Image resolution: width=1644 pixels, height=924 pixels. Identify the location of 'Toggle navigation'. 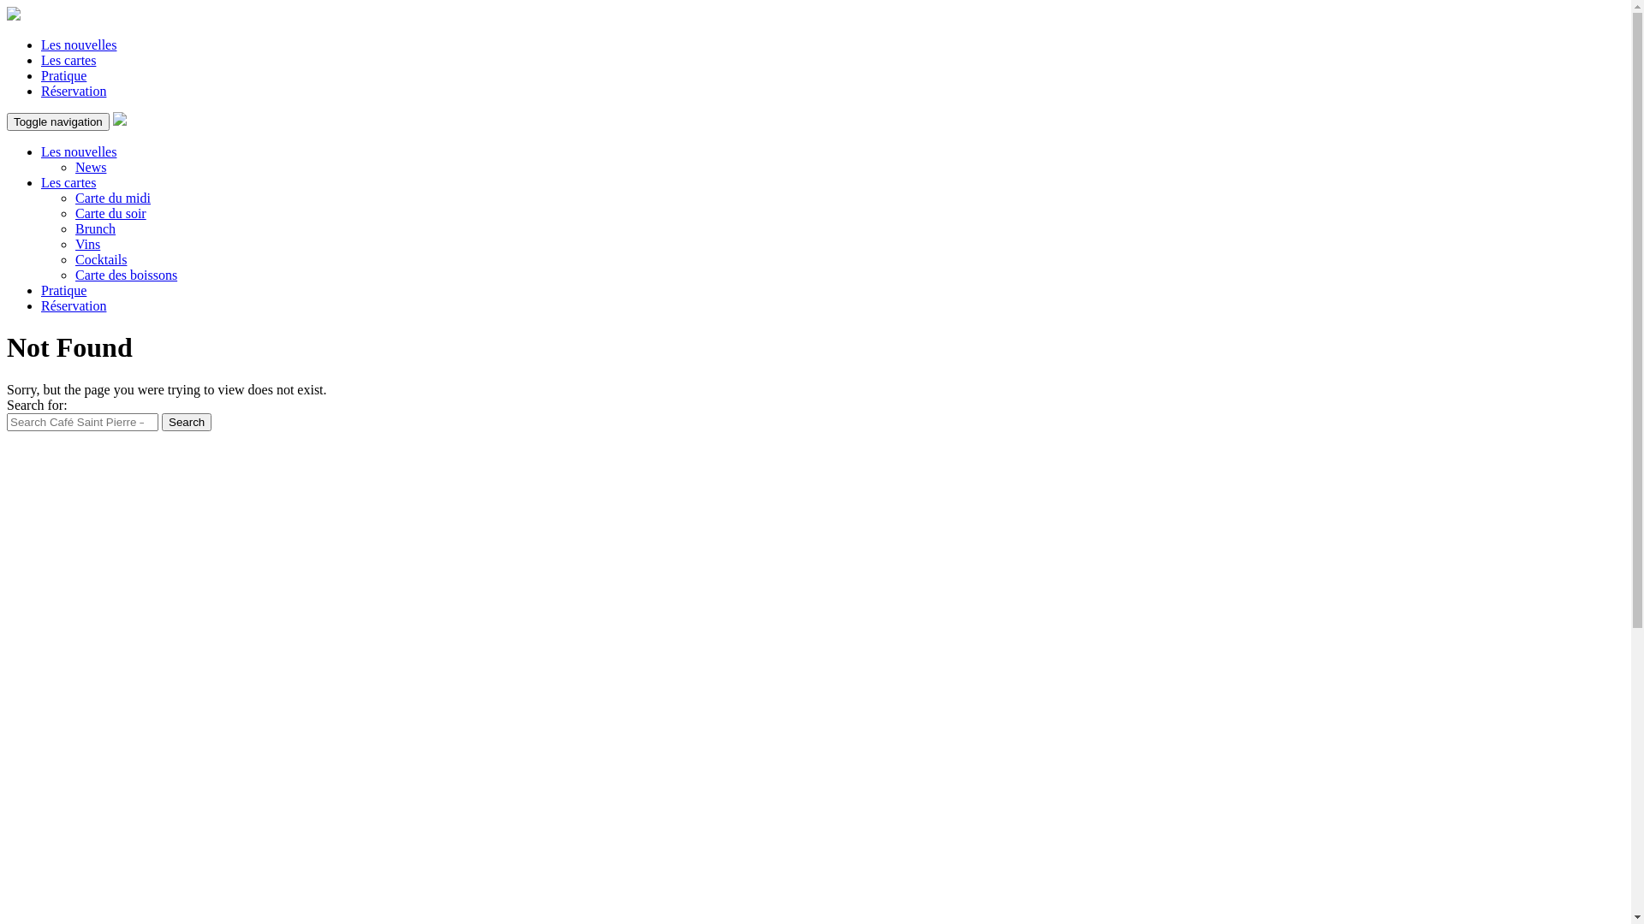
(7, 121).